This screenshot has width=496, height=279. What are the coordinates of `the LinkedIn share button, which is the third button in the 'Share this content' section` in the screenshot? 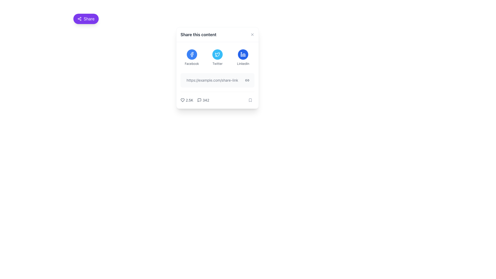 It's located at (243, 58).